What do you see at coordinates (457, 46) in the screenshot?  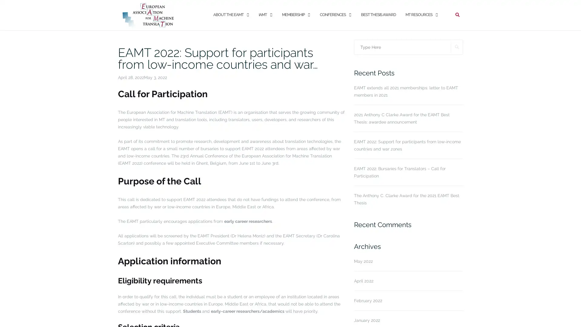 I see `SEARCH` at bounding box center [457, 46].